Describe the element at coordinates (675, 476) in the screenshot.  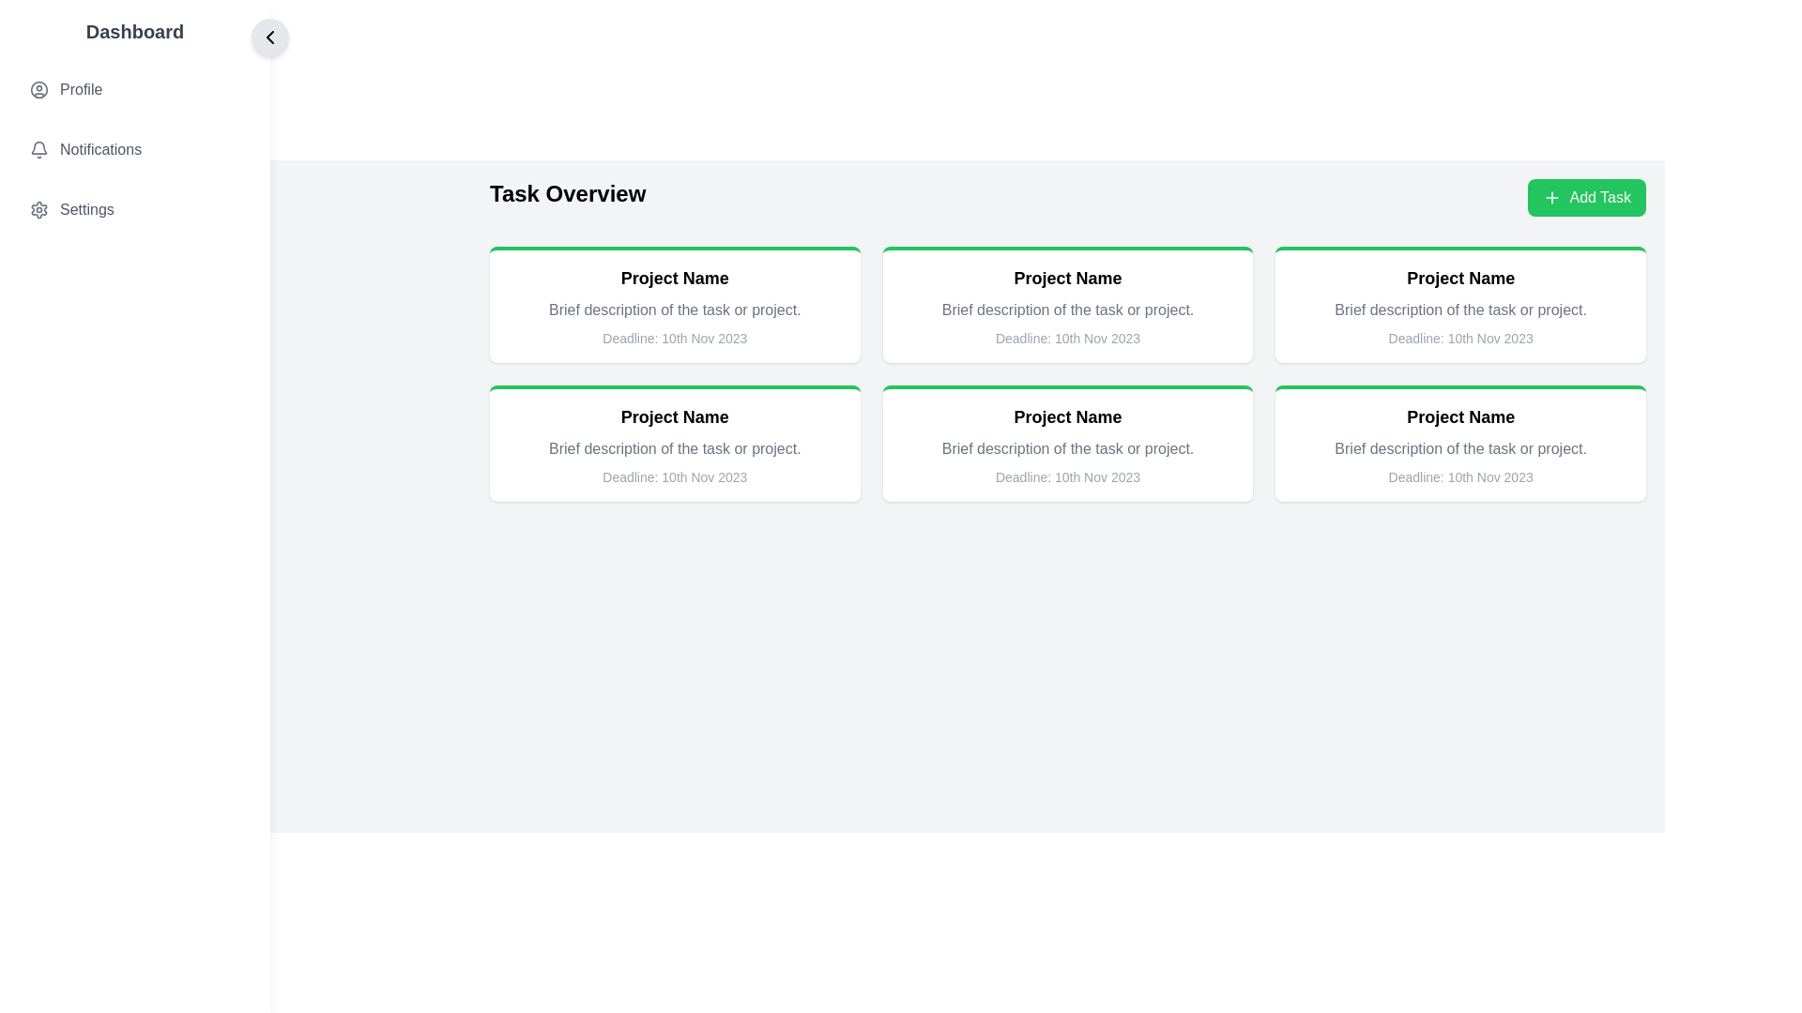
I see `the text label that shows the deadline for a task, formatted as 'Deadline: 10th Nov 2023', located at the bottom of the task details card` at that location.